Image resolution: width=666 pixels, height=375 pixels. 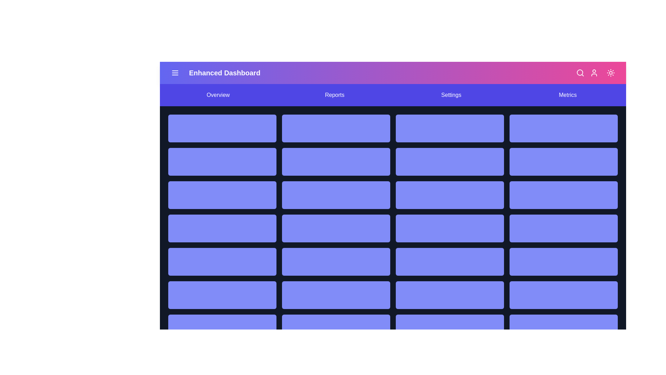 What do you see at coordinates (217, 95) in the screenshot?
I see `the Overview navigation link` at bounding box center [217, 95].